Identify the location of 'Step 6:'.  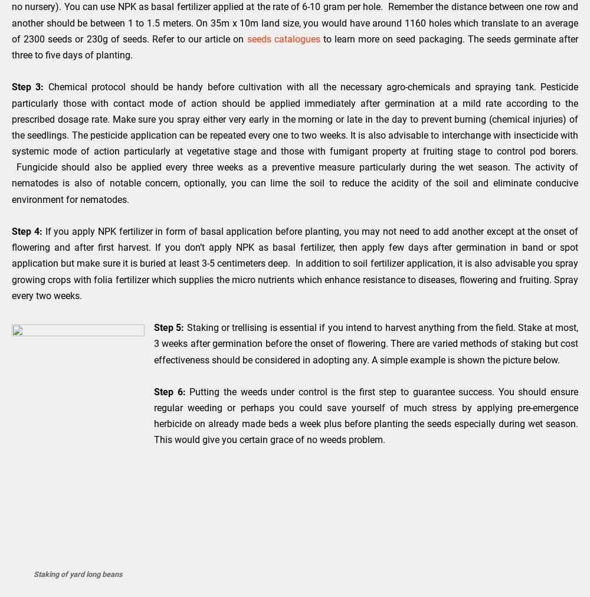
(169, 391).